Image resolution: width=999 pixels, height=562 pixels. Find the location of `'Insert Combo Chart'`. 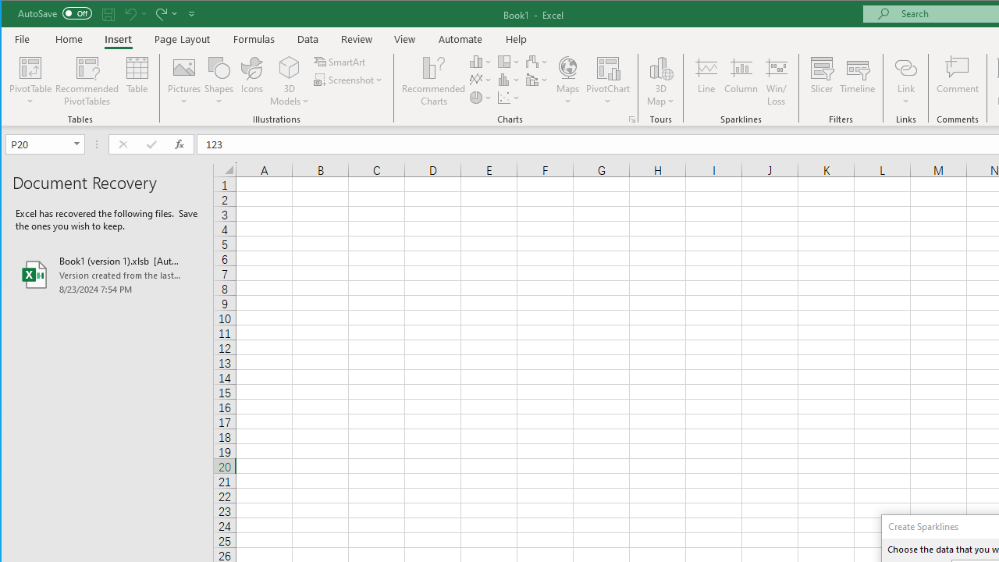

'Insert Combo Chart' is located at coordinates (537, 80).